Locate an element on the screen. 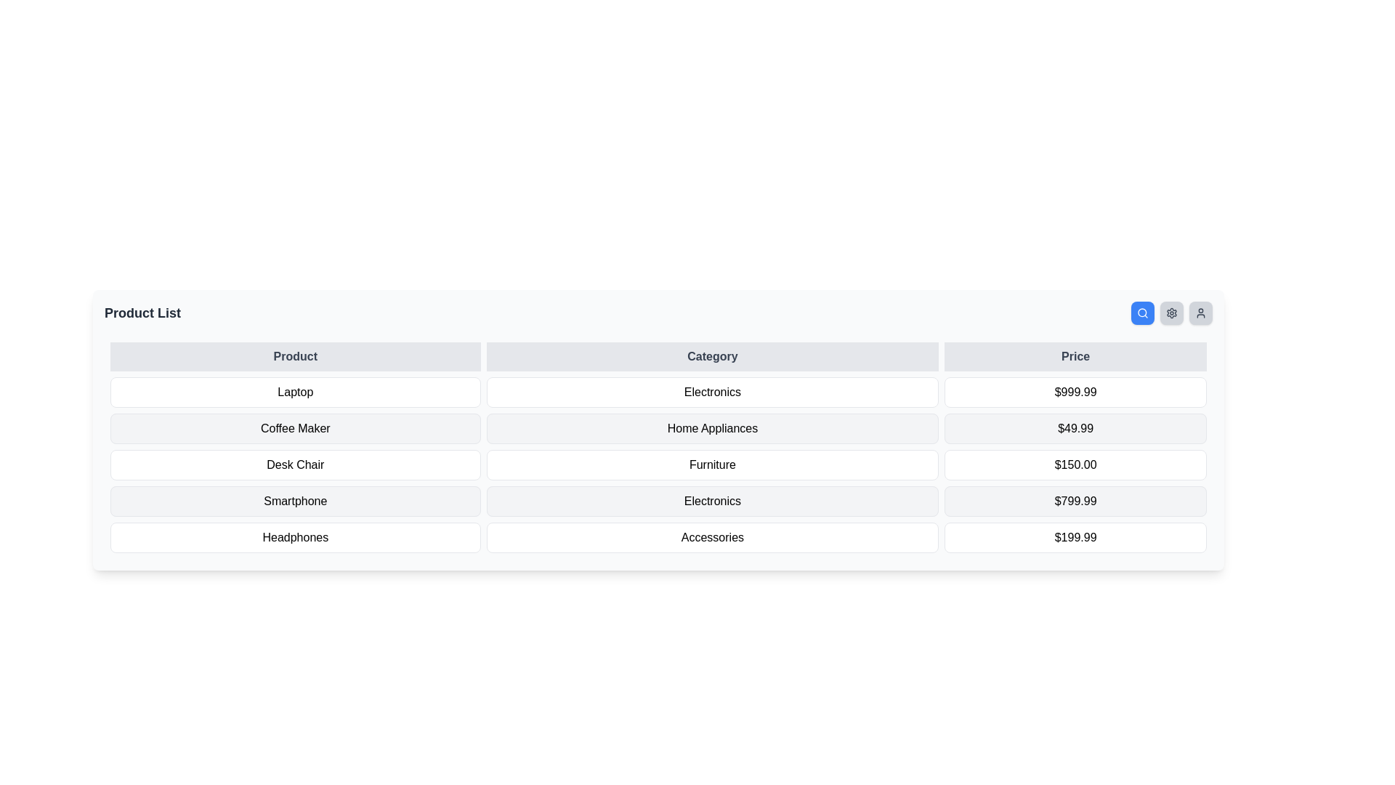 The width and height of the screenshot is (1395, 785). the 'Price' column header in the table, which is the third column header positioned to the right of the 'Category' column header is located at coordinates (1075, 356).